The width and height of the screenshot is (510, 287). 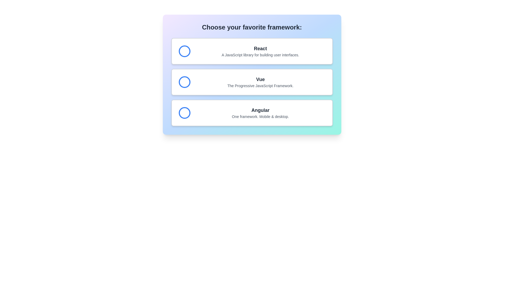 I want to click on the text element that contains 'The Progressive JavaScript Framework.' which is styled in gray and positioned below the bold 'Vue' text, so click(x=260, y=86).